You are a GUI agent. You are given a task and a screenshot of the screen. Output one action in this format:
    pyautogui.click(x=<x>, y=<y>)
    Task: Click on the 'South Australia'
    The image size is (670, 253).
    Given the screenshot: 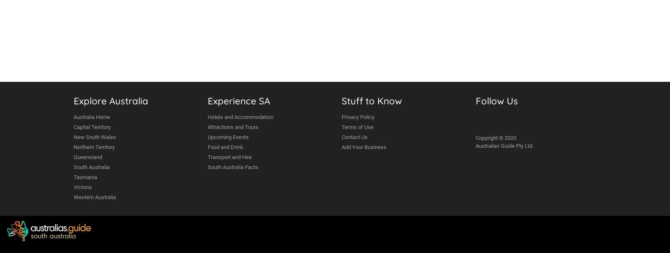 What is the action you would take?
    pyautogui.click(x=92, y=167)
    